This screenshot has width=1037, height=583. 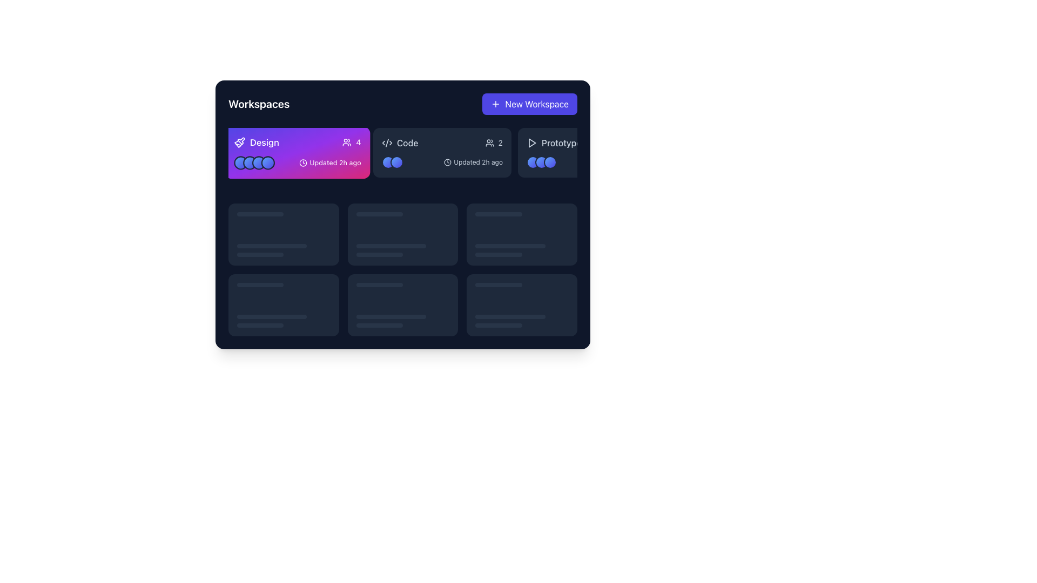 I want to click on the play icon located in the 'Prototype' workspace card, so click(x=532, y=143).